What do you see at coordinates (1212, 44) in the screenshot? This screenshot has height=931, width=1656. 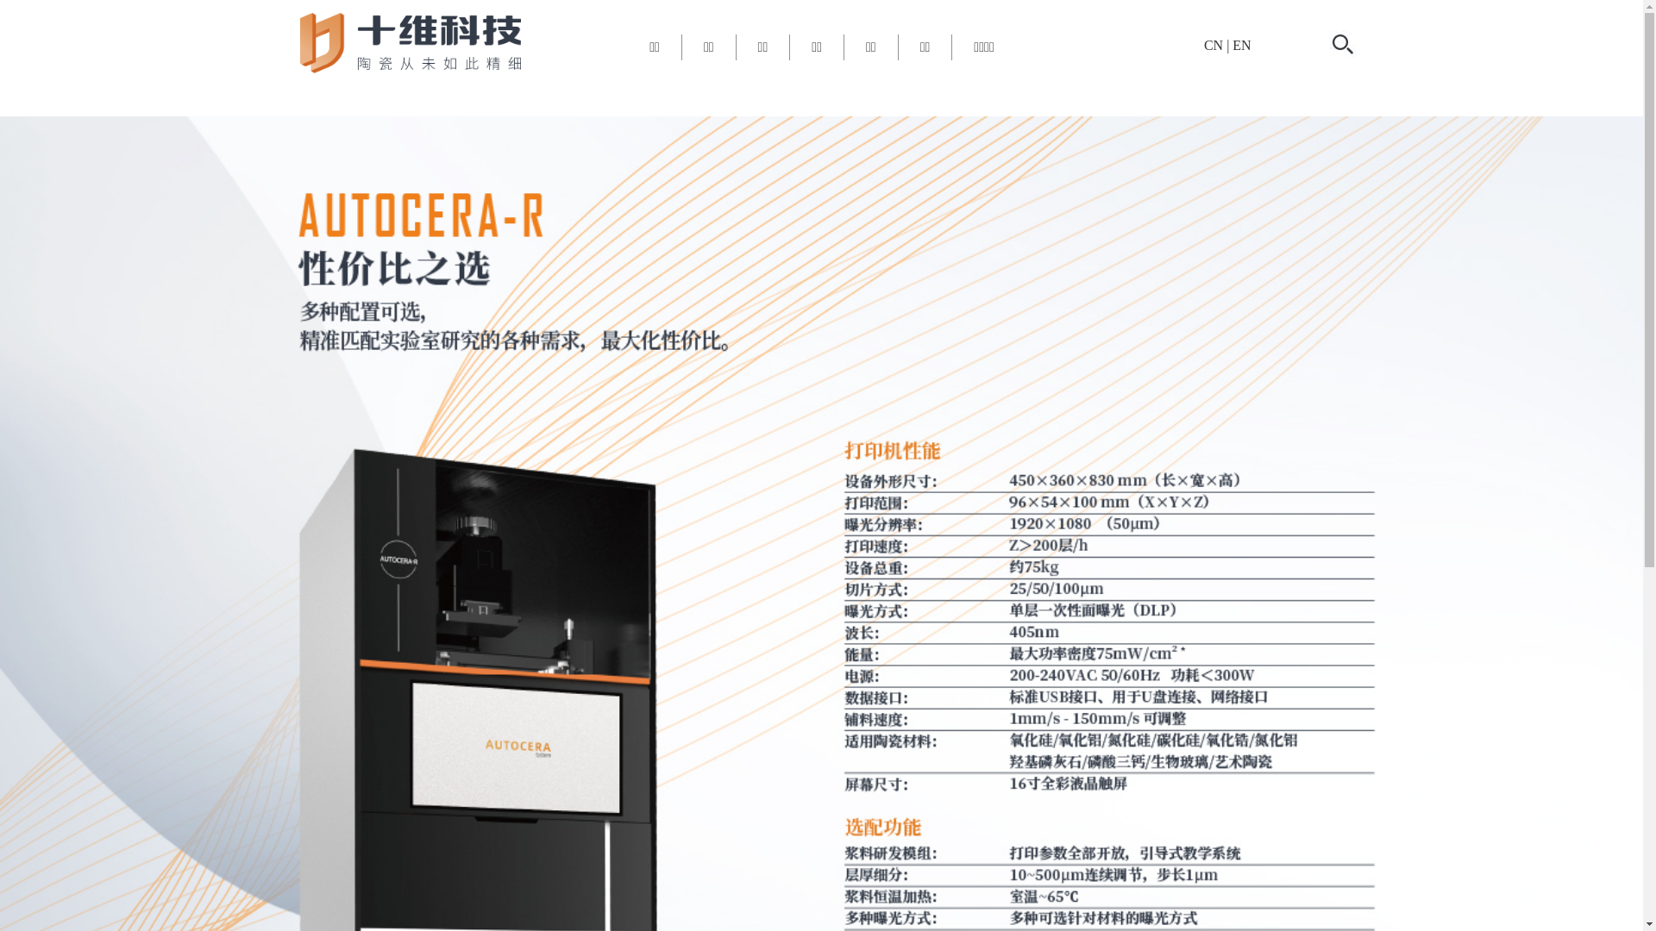 I see `'CN'` at bounding box center [1212, 44].